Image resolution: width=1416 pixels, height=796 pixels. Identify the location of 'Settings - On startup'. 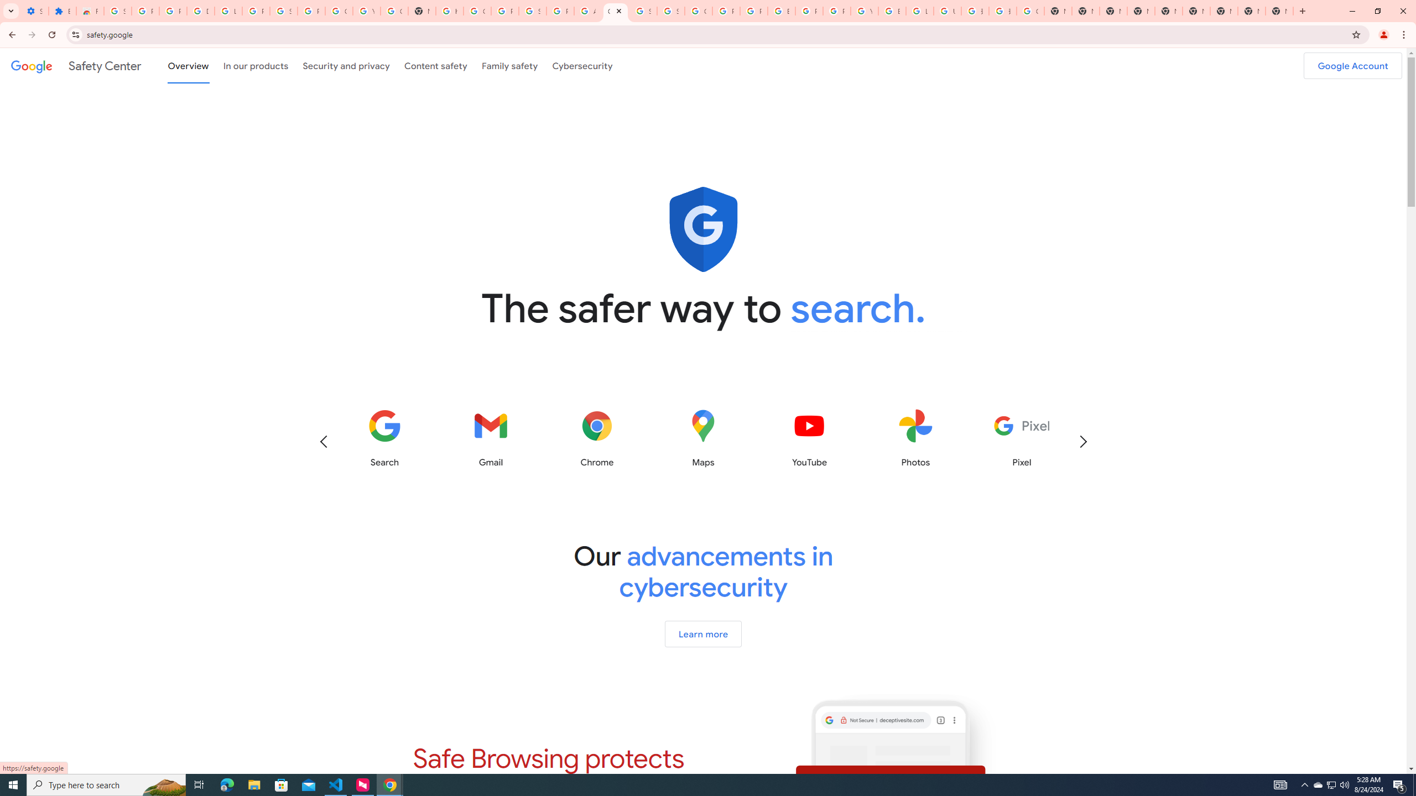
(34, 11).